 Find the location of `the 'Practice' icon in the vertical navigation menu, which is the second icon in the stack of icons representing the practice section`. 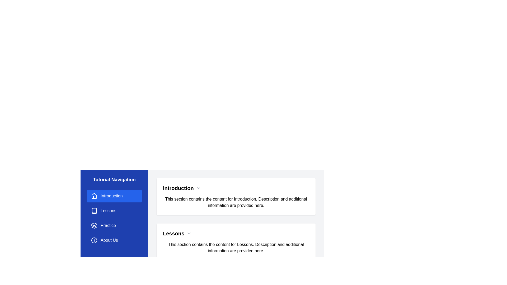

the 'Practice' icon in the vertical navigation menu, which is the second icon in the stack of icons representing the practice section is located at coordinates (94, 226).